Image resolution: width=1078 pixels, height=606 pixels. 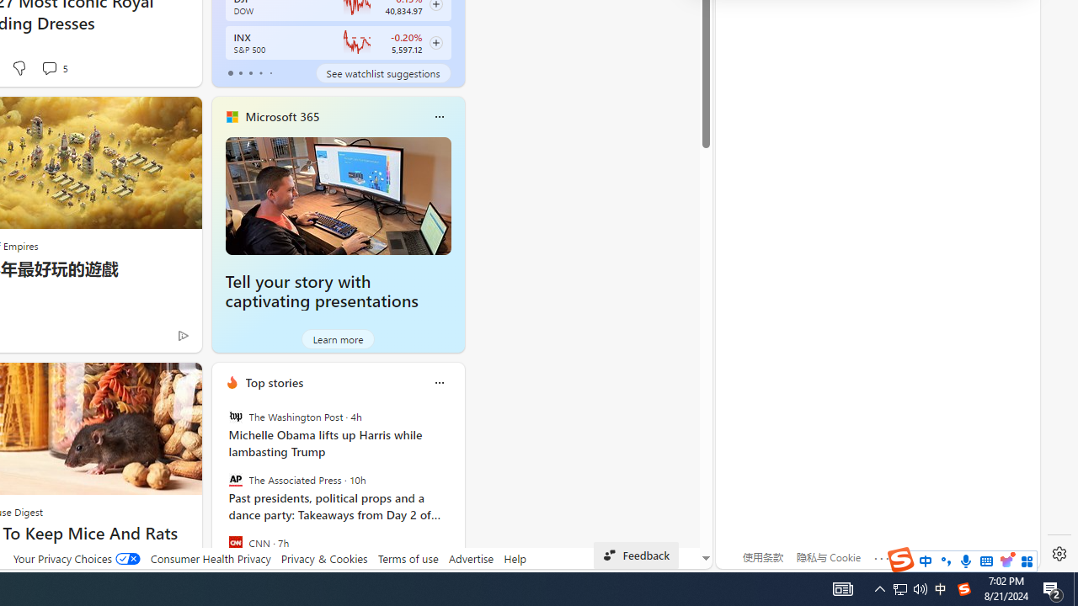 What do you see at coordinates (270, 72) in the screenshot?
I see `'tab-4'` at bounding box center [270, 72].